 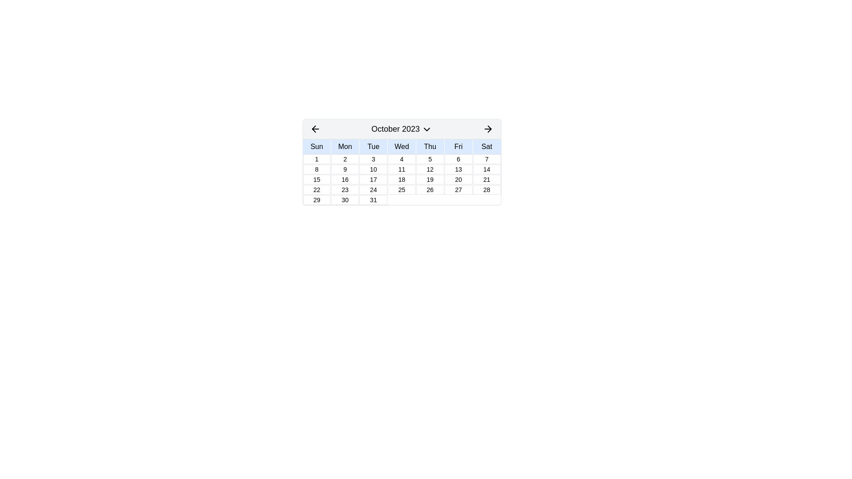 I want to click on the calendar day cell displaying the number '31', so click(x=373, y=200).